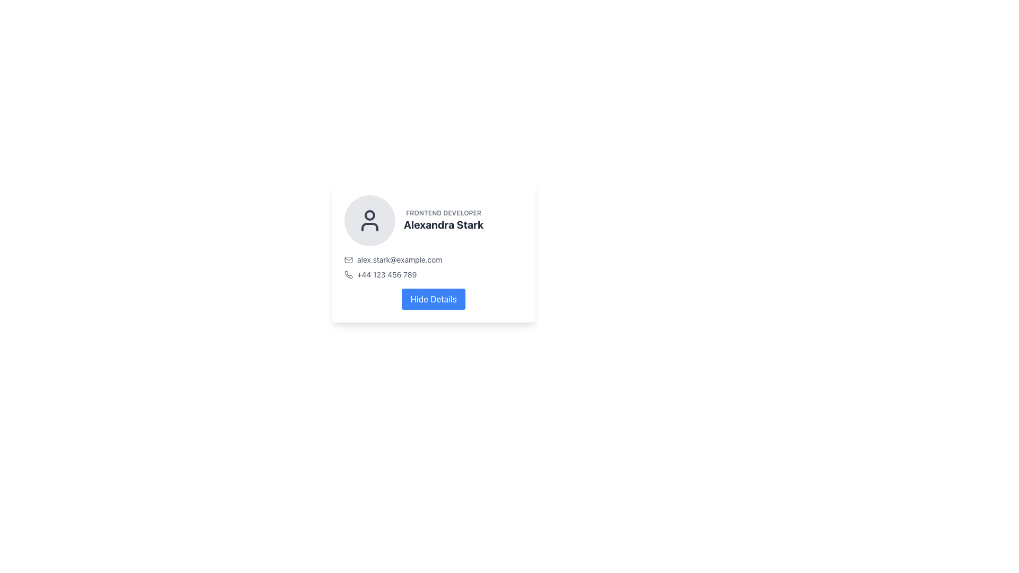  I want to click on the 'Hide Details' button located at the bottom center of the card layout, so click(433, 299).